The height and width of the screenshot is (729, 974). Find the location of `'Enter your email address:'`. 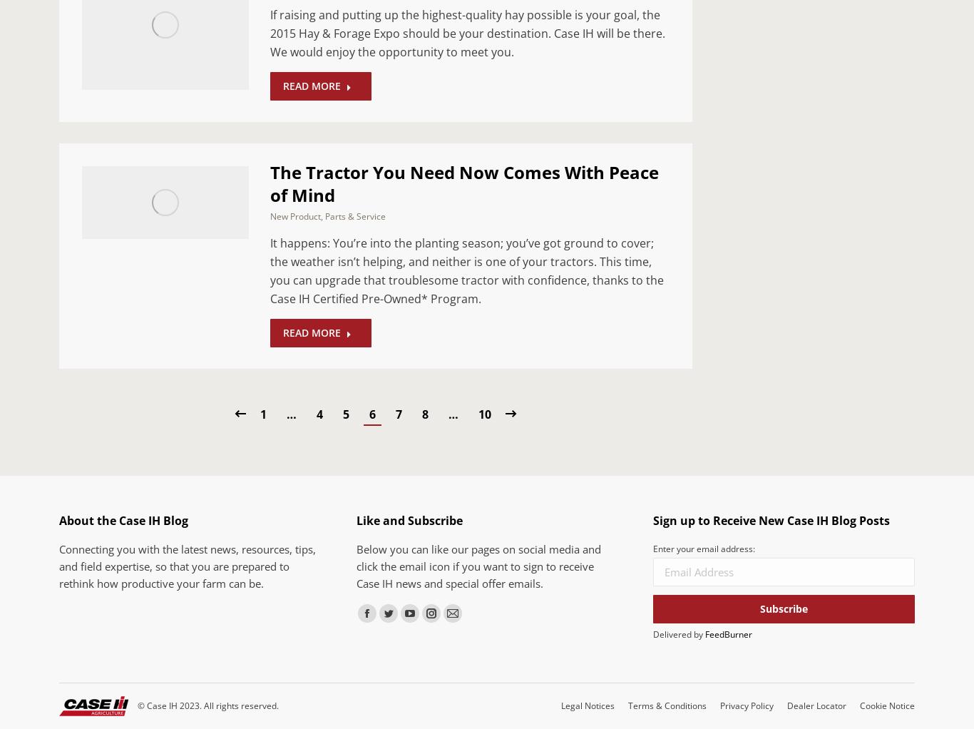

'Enter your email address:' is located at coordinates (704, 548).